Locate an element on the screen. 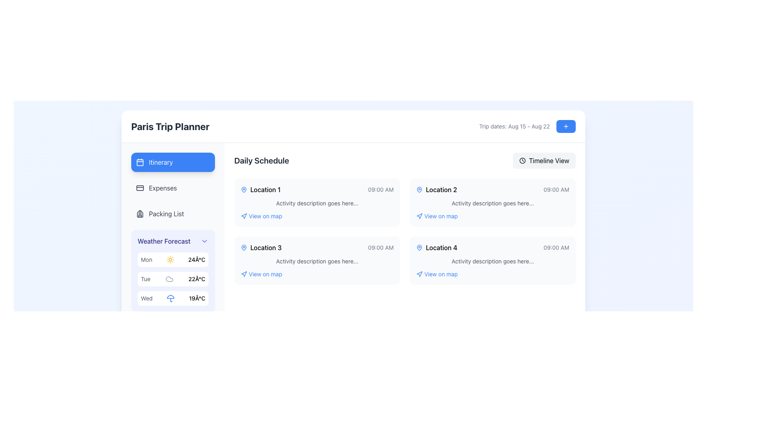 The width and height of the screenshot is (773, 435). the decorative or indicative icon located in the left sidebar, above the weather forecast section is located at coordinates (169, 279).